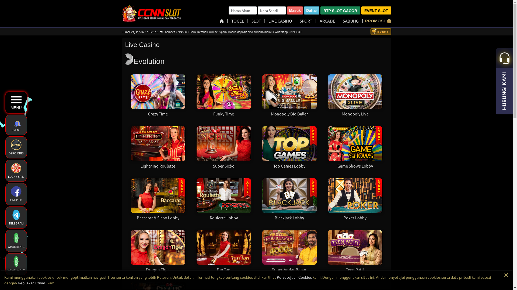 The image size is (517, 290). I want to click on 'Informasi', so click(389, 21).